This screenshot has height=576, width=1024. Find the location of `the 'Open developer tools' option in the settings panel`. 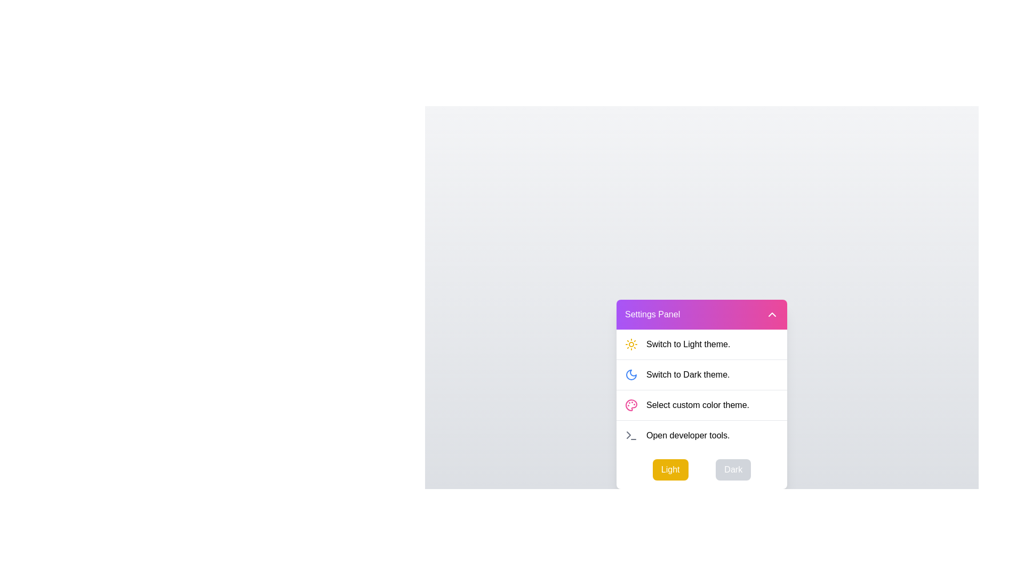

the 'Open developer tools' option in the settings panel is located at coordinates (688, 435).